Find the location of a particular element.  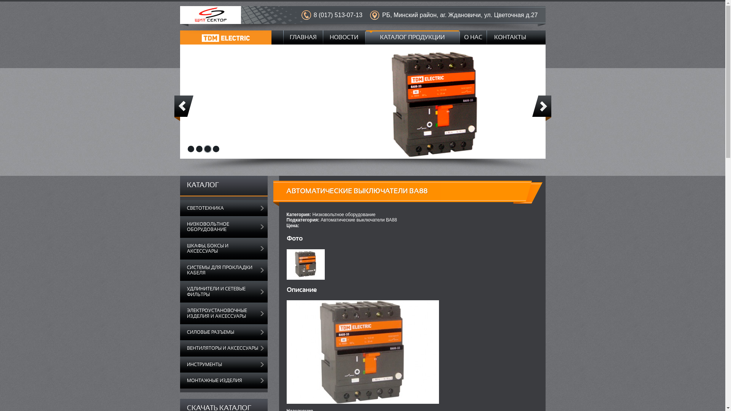

'2' is located at coordinates (195, 149).